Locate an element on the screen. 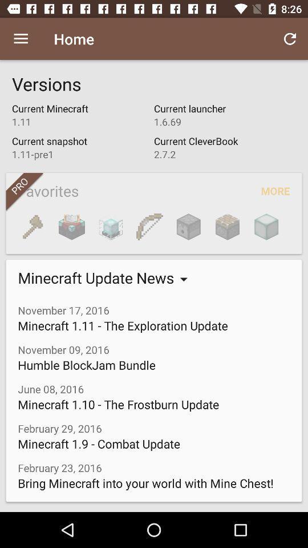 The height and width of the screenshot is (548, 308). the item above november 17, 2016 item is located at coordinates (228, 226).